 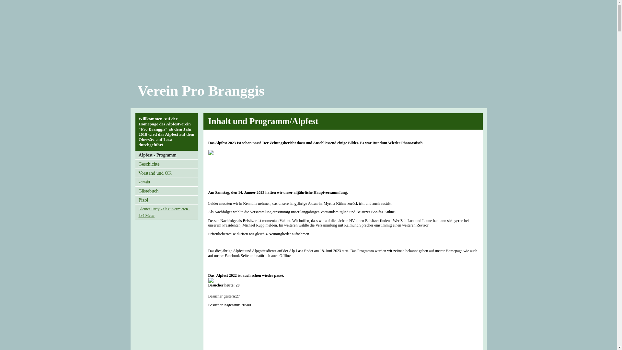 What do you see at coordinates (138, 155) in the screenshot?
I see `'Alpfest - Programm'` at bounding box center [138, 155].